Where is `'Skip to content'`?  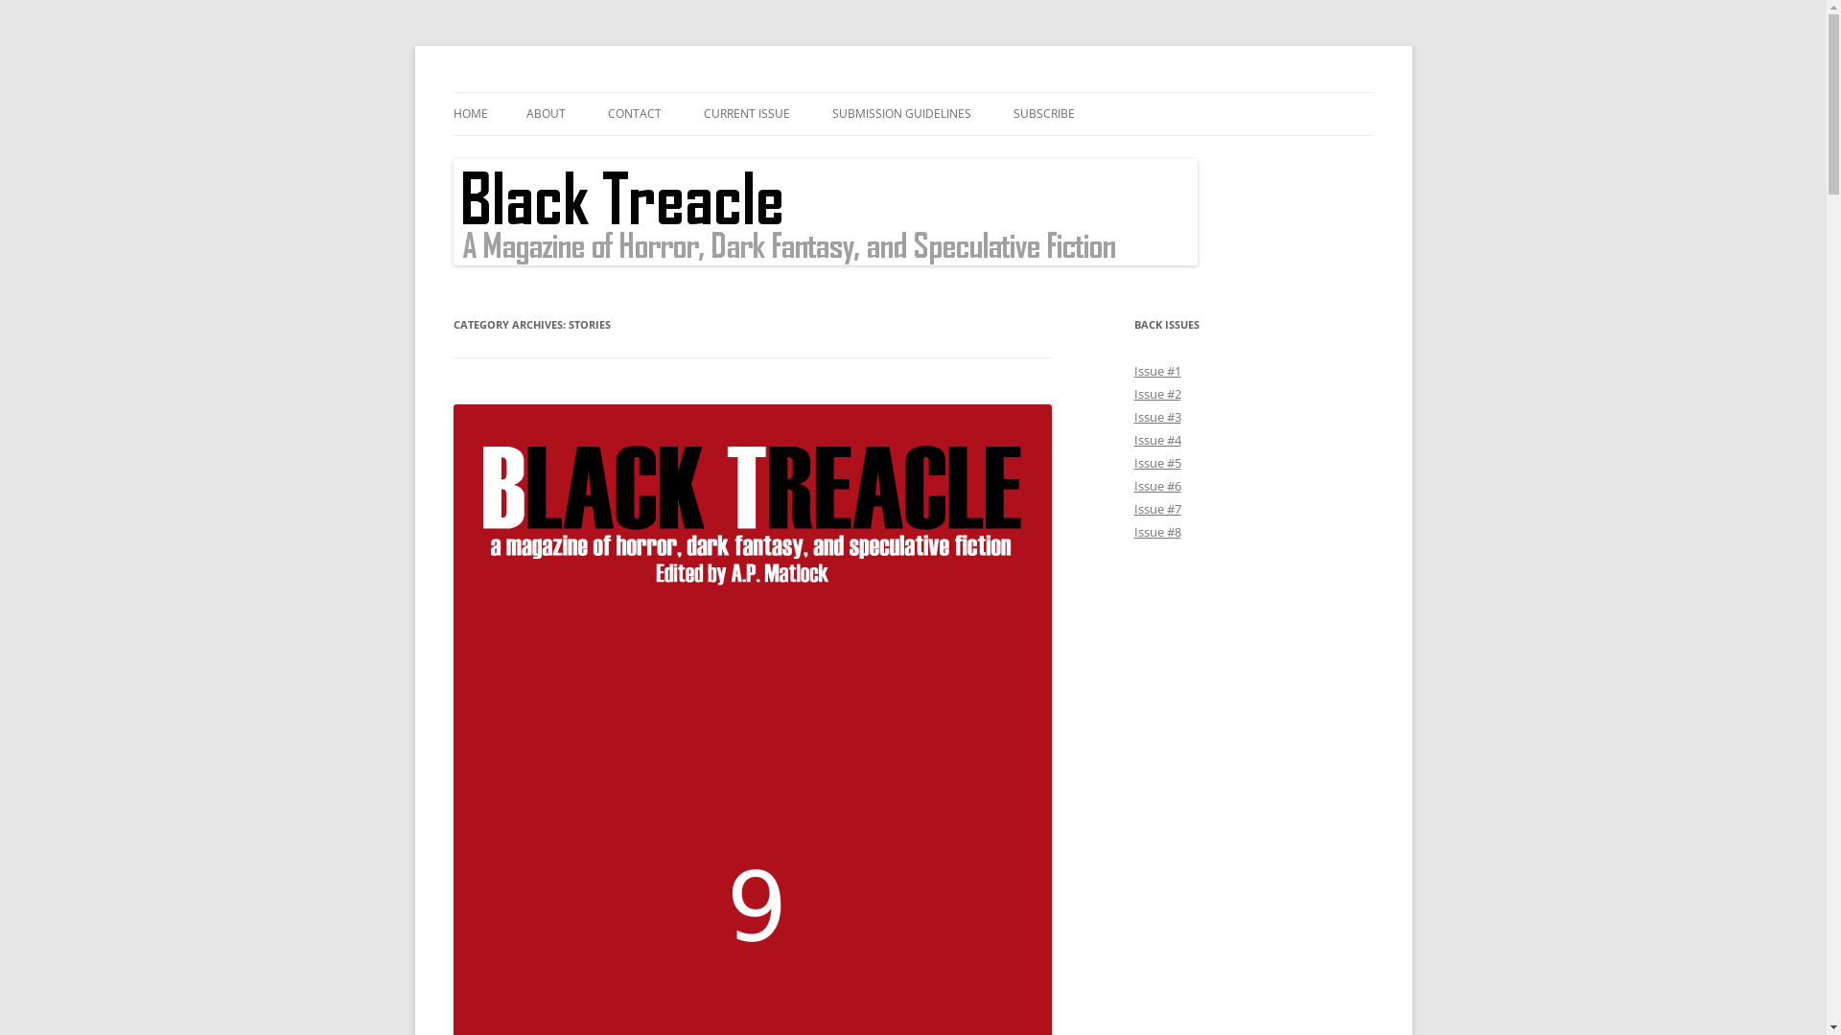
'Skip to content' is located at coordinates (911, 92).